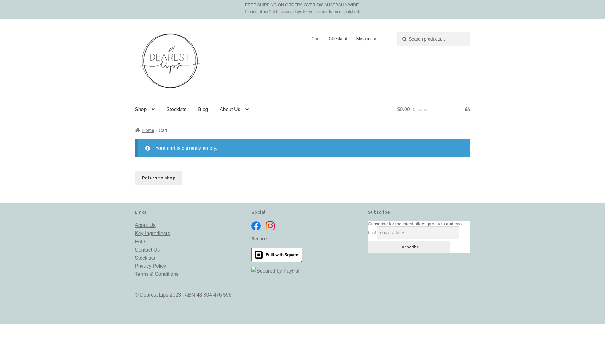 This screenshot has width=605, height=340. What do you see at coordinates (144, 130) in the screenshot?
I see `'Home'` at bounding box center [144, 130].